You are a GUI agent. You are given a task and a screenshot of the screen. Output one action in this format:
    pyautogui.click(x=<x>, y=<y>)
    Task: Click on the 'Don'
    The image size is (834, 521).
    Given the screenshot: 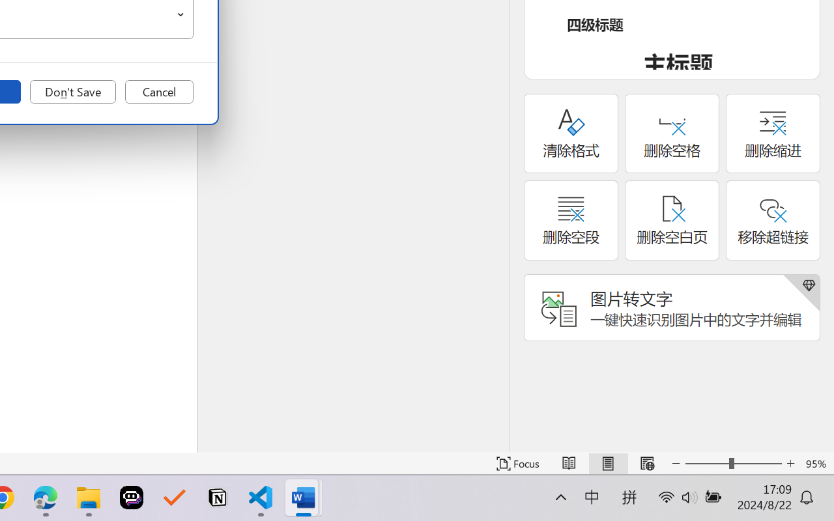 What is the action you would take?
    pyautogui.click(x=72, y=92)
    